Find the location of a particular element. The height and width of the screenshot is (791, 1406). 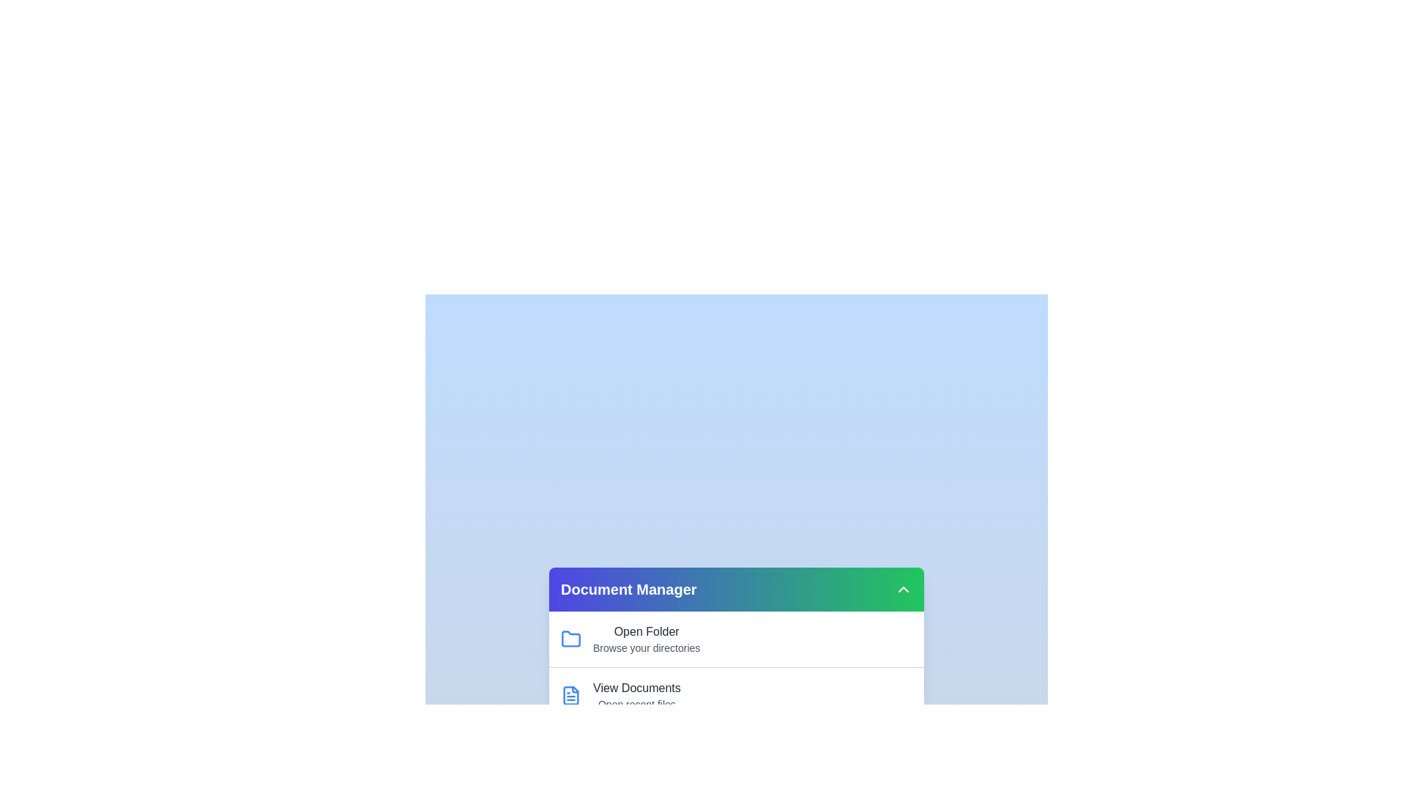

the menu item View Documents is located at coordinates (636, 688).